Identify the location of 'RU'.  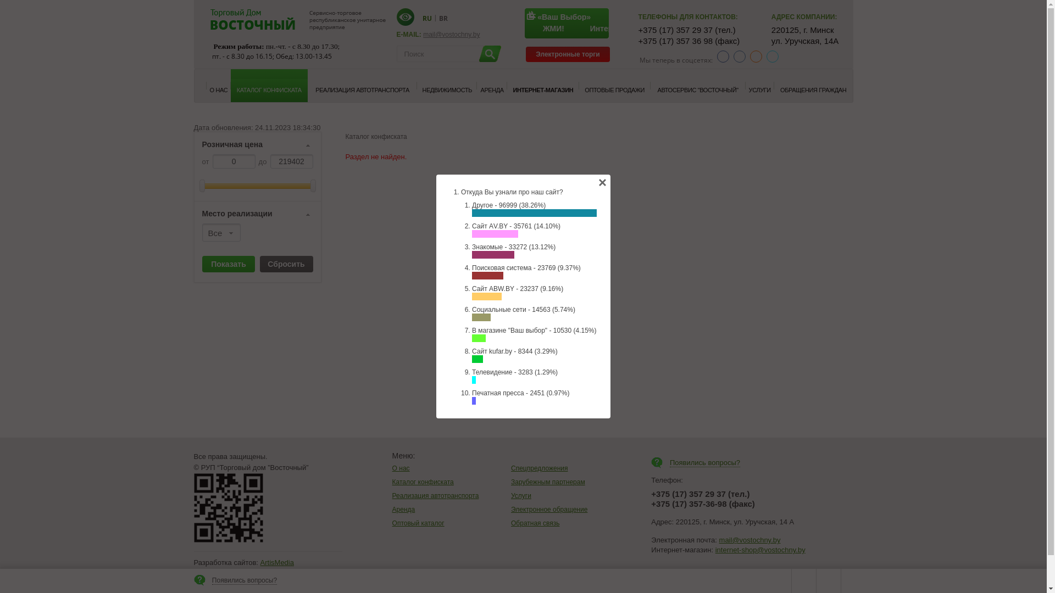
(426, 18).